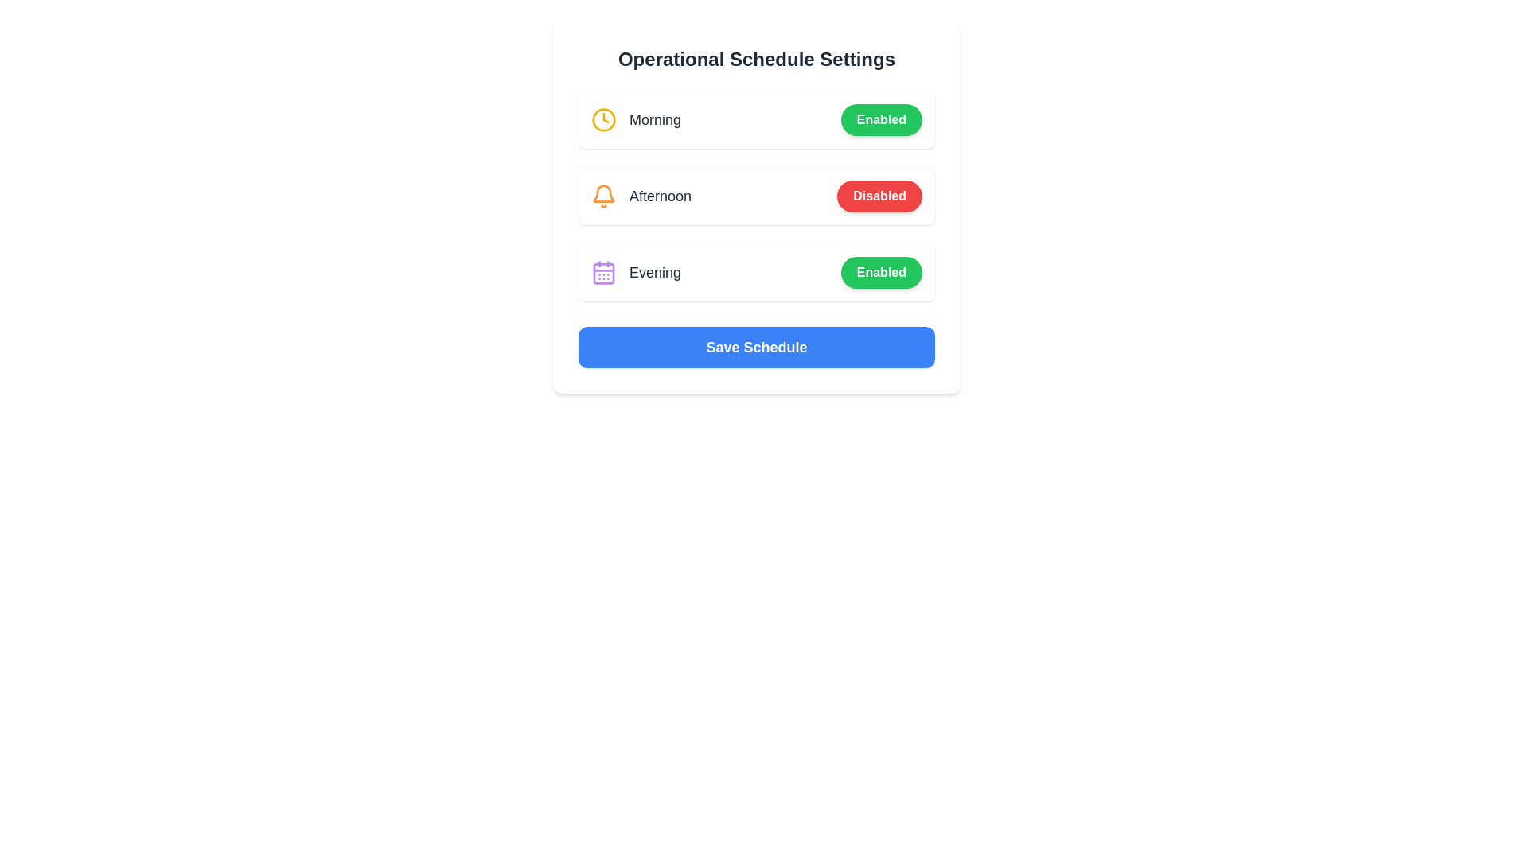 This screenshot has height=859, width=1528. I want to click on the 'Save Schedule' button to save the current schedule settings, so click(755, 346).